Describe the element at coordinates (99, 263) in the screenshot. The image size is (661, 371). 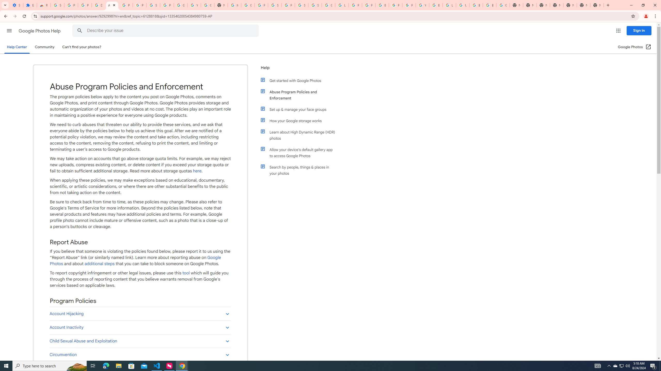
I see `'additional steps'` at that location.